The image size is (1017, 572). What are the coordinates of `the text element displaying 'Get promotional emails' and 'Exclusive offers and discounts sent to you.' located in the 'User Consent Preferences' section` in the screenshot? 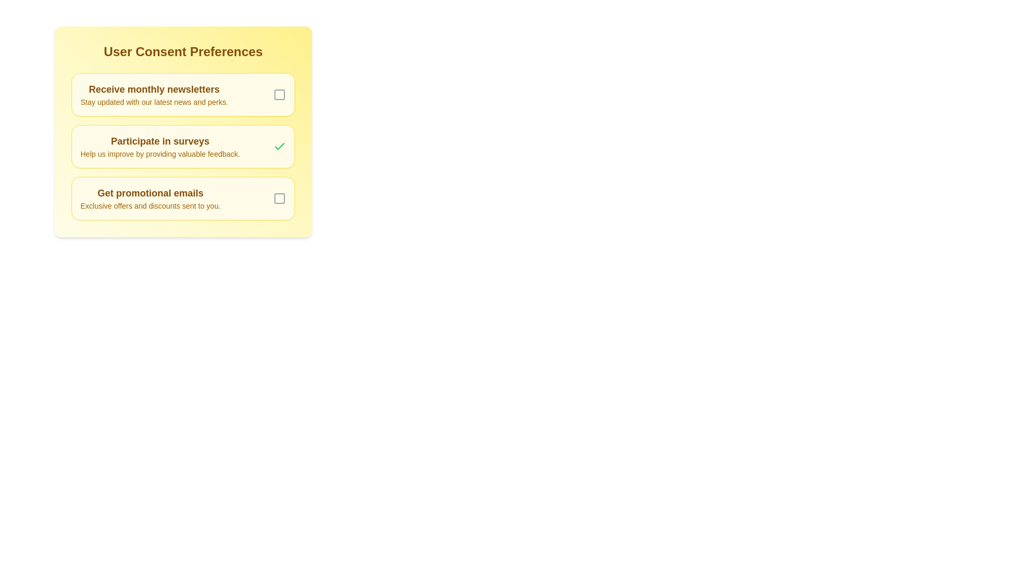 It's located at (150, 198).